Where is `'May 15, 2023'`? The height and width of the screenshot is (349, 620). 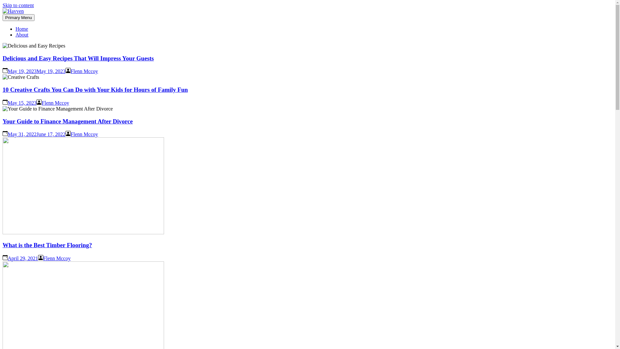 'May 15, 2023' is located at coordinates (8, 102).